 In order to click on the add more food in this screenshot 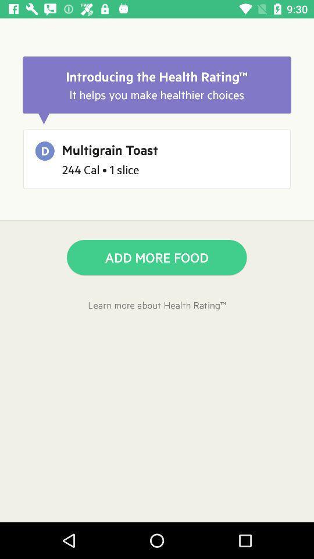, I will do `click(156, 257)`.